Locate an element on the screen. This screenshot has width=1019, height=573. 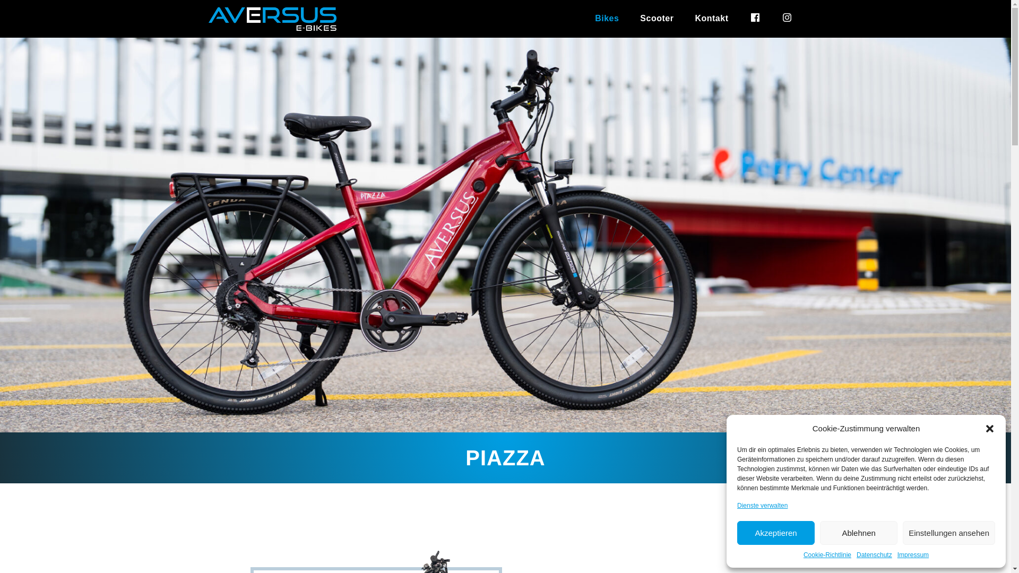
'Scooter' is located at coordinates (656, 18).